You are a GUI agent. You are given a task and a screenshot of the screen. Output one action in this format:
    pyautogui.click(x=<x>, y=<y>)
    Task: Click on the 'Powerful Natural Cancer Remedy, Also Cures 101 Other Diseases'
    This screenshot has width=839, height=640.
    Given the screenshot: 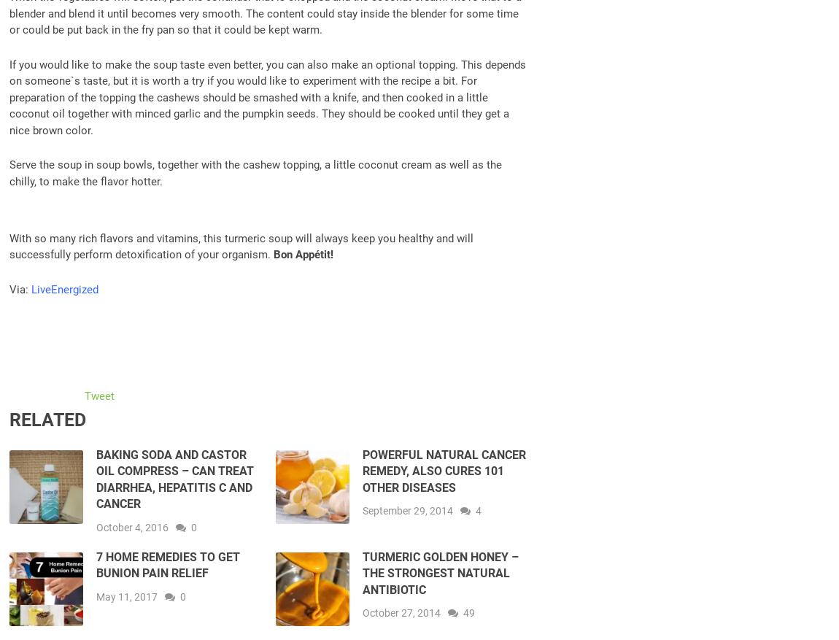 What is the action you would take?
    pyautogui.click(x=361, y=471)
    